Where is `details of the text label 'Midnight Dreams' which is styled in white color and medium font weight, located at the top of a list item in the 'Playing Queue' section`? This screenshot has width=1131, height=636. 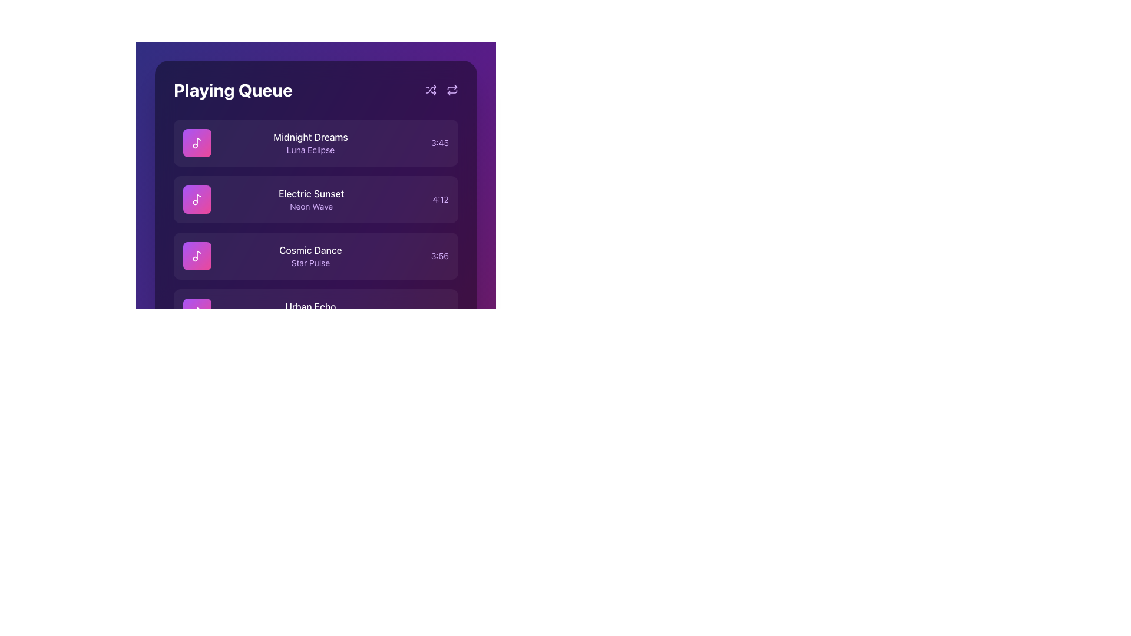 details of the text label 'Midnight Dreams' which is styled in white color and medium font weight, located at the top of a list item in the 'Playing Queue' section is located at coordinates (310, 136).